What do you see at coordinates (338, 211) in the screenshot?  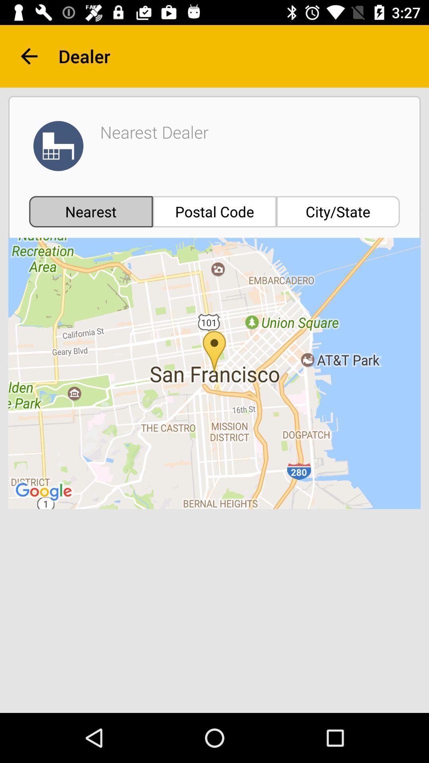 I see `item below the dealer item` at bounding box center [338, 211].